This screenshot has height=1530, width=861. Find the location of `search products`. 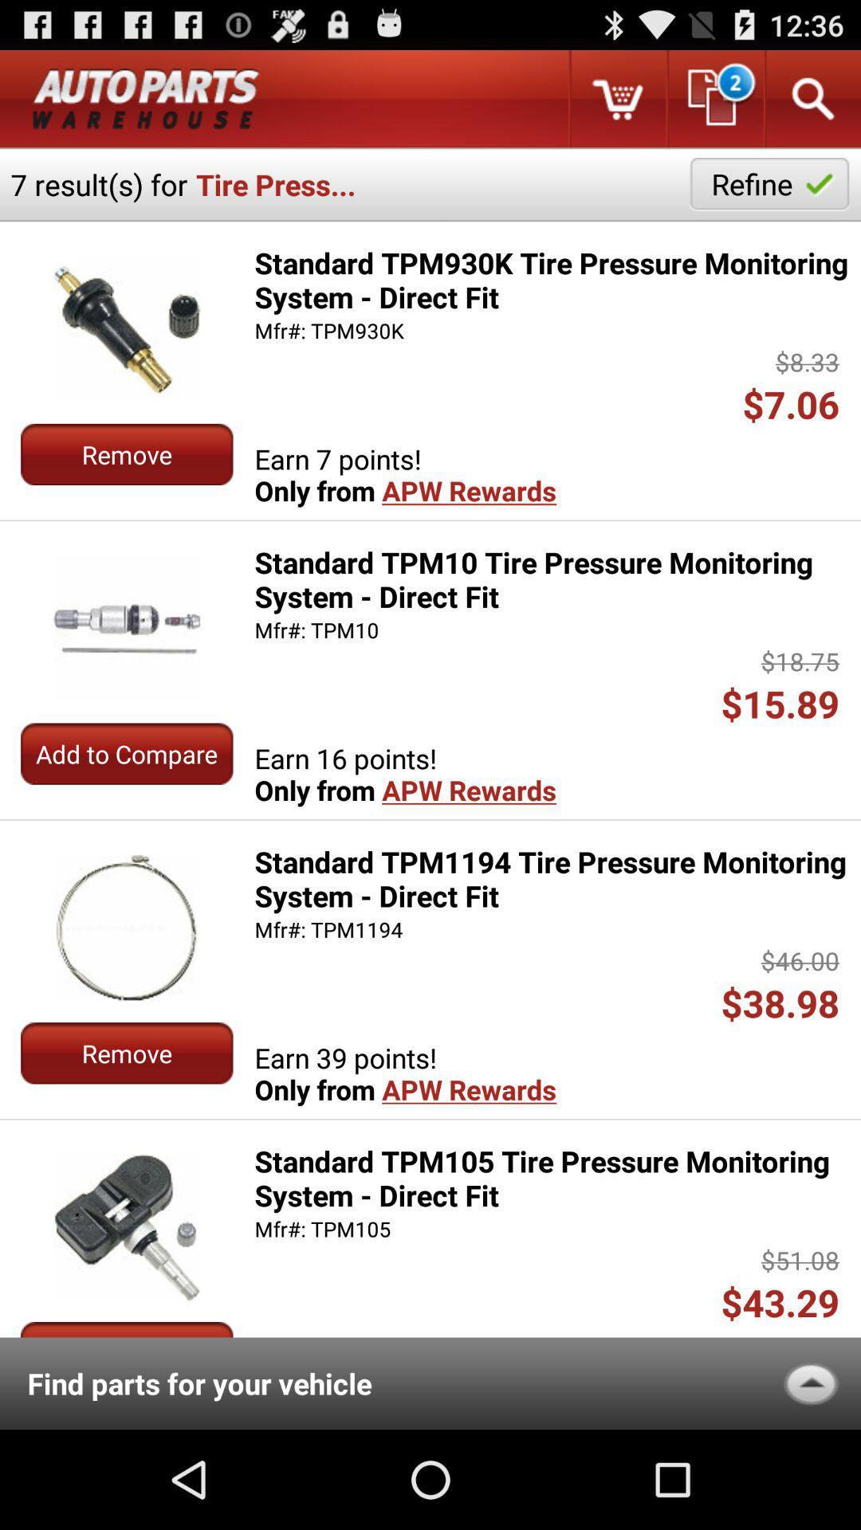

search products is located at coordinates (812, 98).